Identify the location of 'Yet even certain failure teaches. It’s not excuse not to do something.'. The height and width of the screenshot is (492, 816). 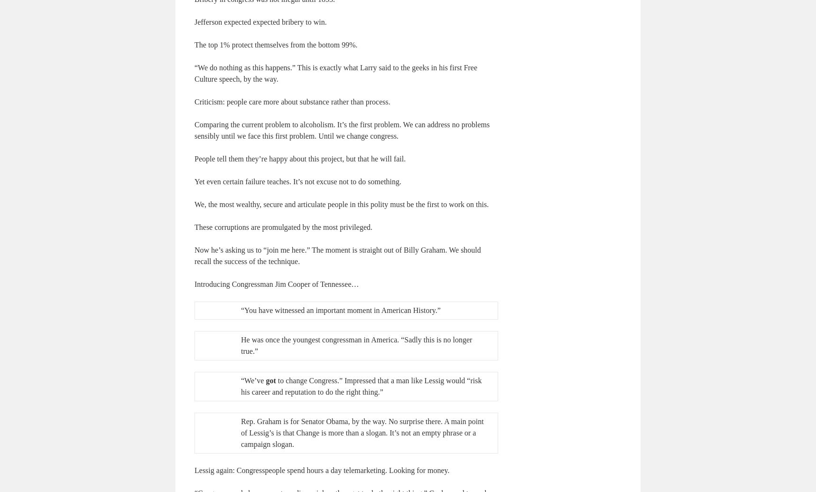
(297, 181).